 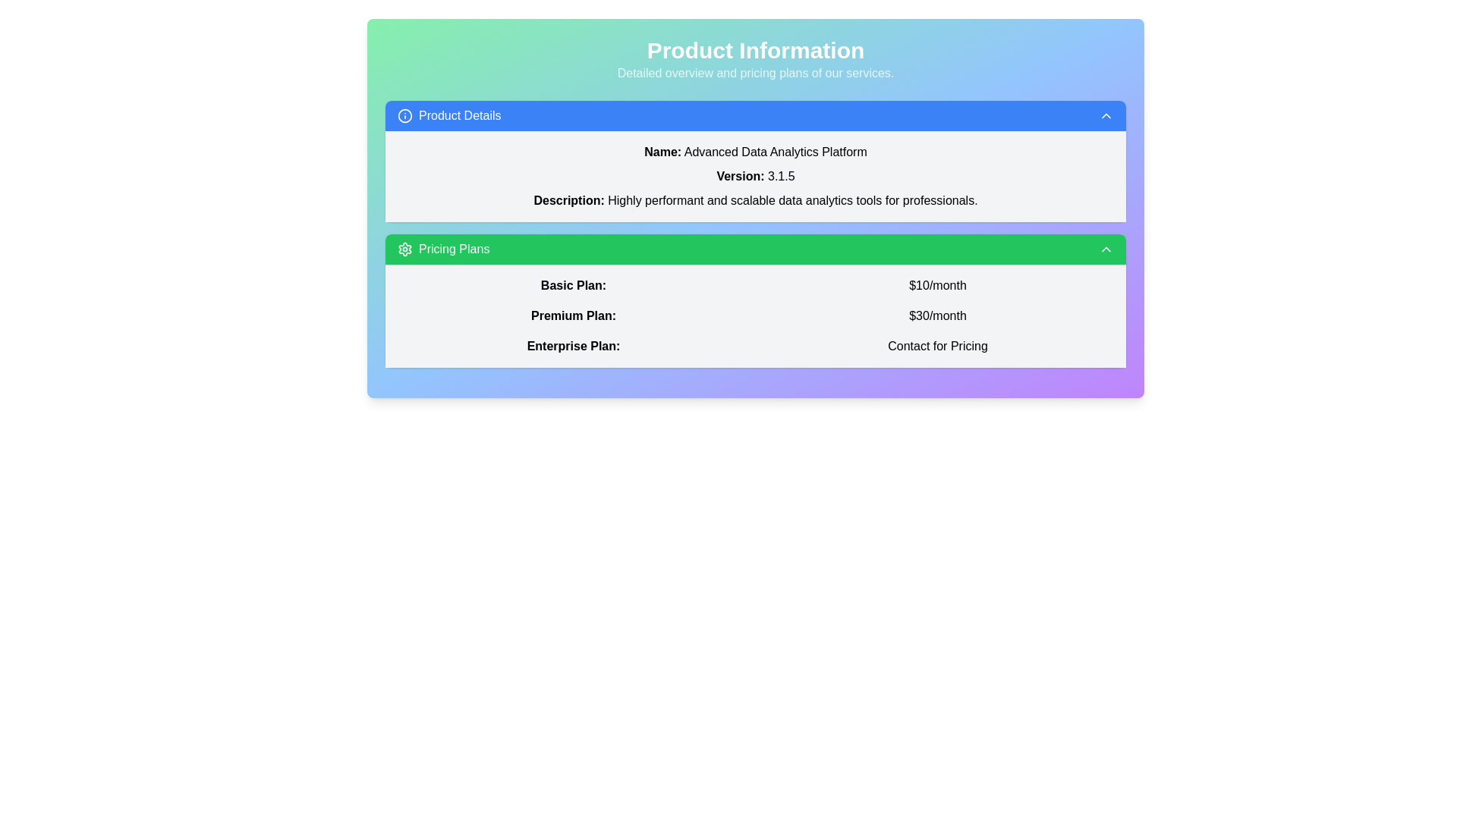 What do you see at coordinates (756, 152) in the screenshot?
I see `the text label displaying 'Name: Advanced Data Analytics Platform', which is the first row under 'Product Details' with a light-gray background` at bounding box center [756, 152].